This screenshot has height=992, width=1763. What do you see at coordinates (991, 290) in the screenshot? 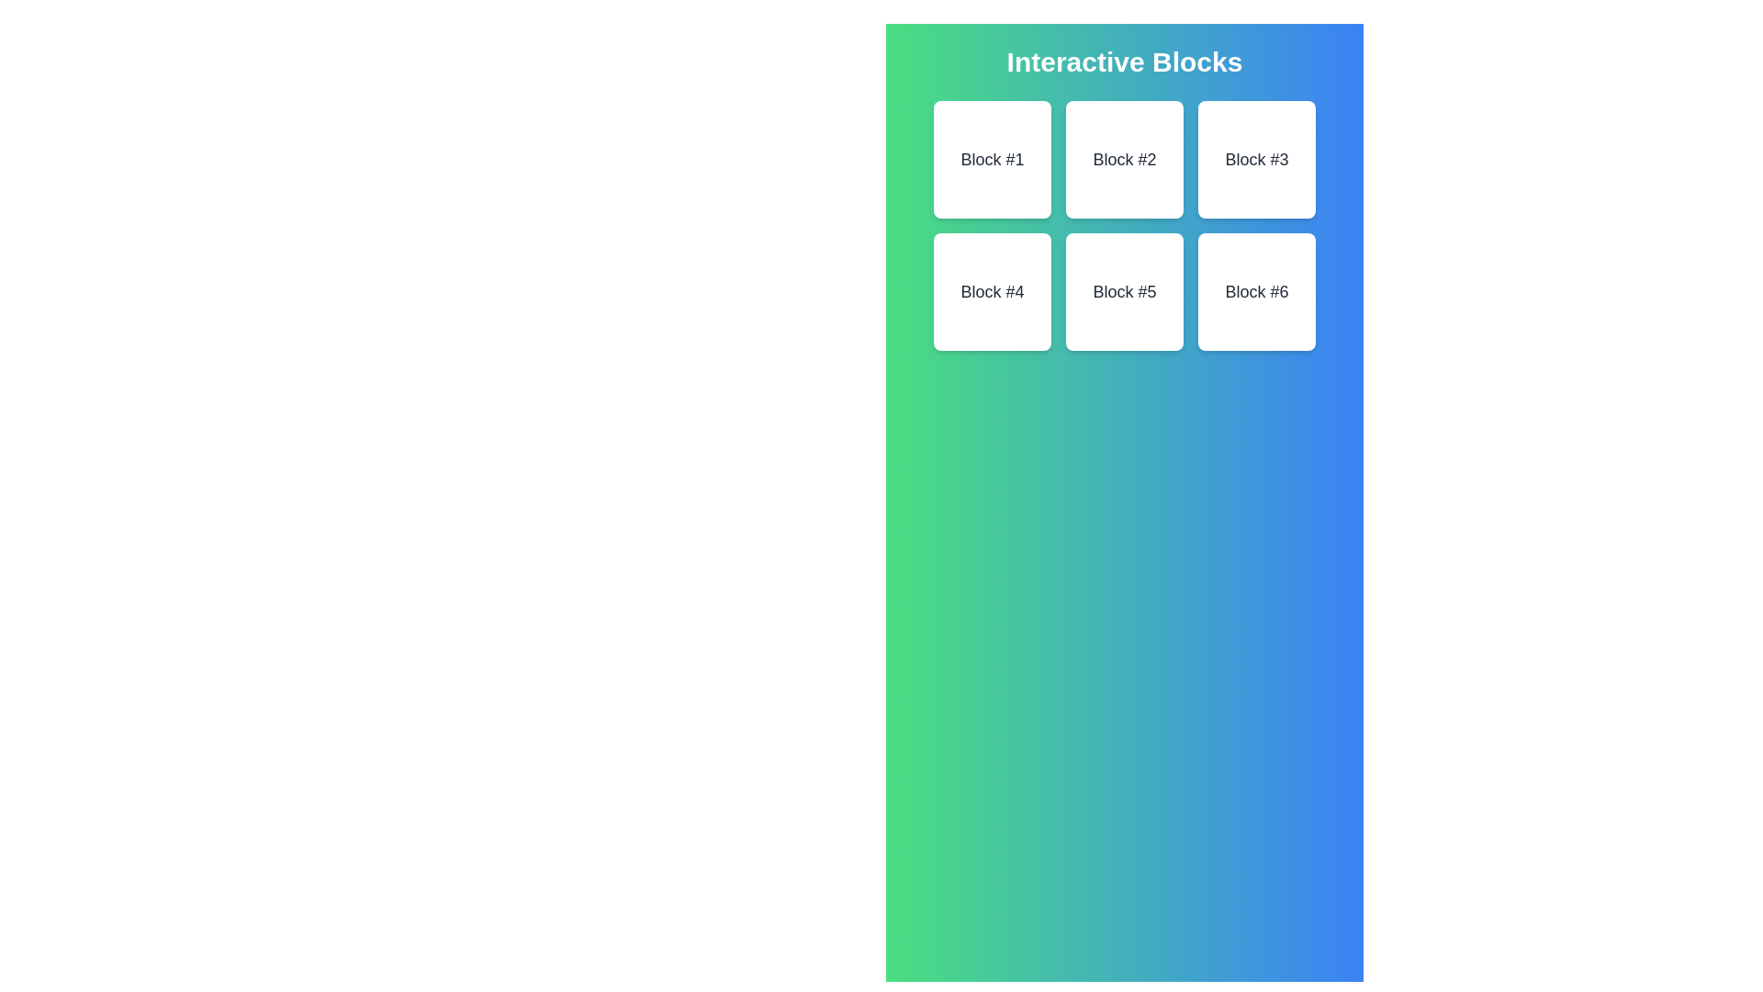
I see `the Static content block located in the second row, first column of a 3x2 grid layout, which displays text content` at bounding box center [991, 290].